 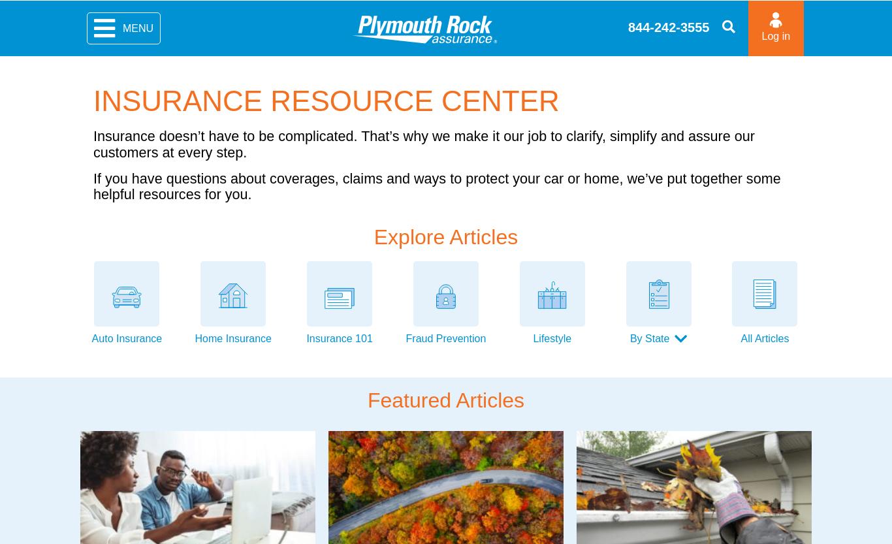 I want to click on 'Home Insurance', so click(x=232, y=338).